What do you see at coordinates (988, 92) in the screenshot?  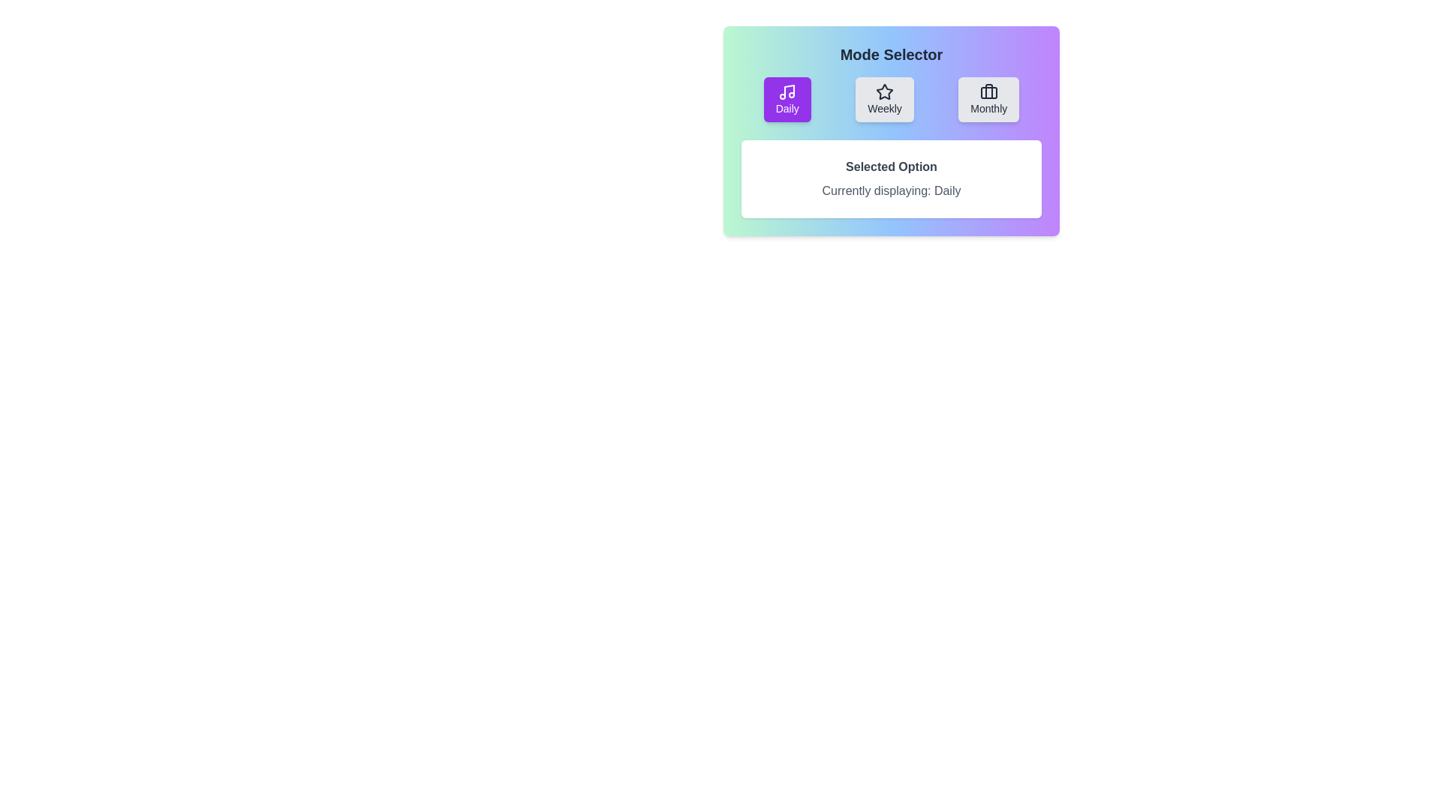 I see `the 'Monthly' icon in the mode selector, which is located at the top-center of the button directly above the 'Monthly' label` at bounding box center [988, 92].